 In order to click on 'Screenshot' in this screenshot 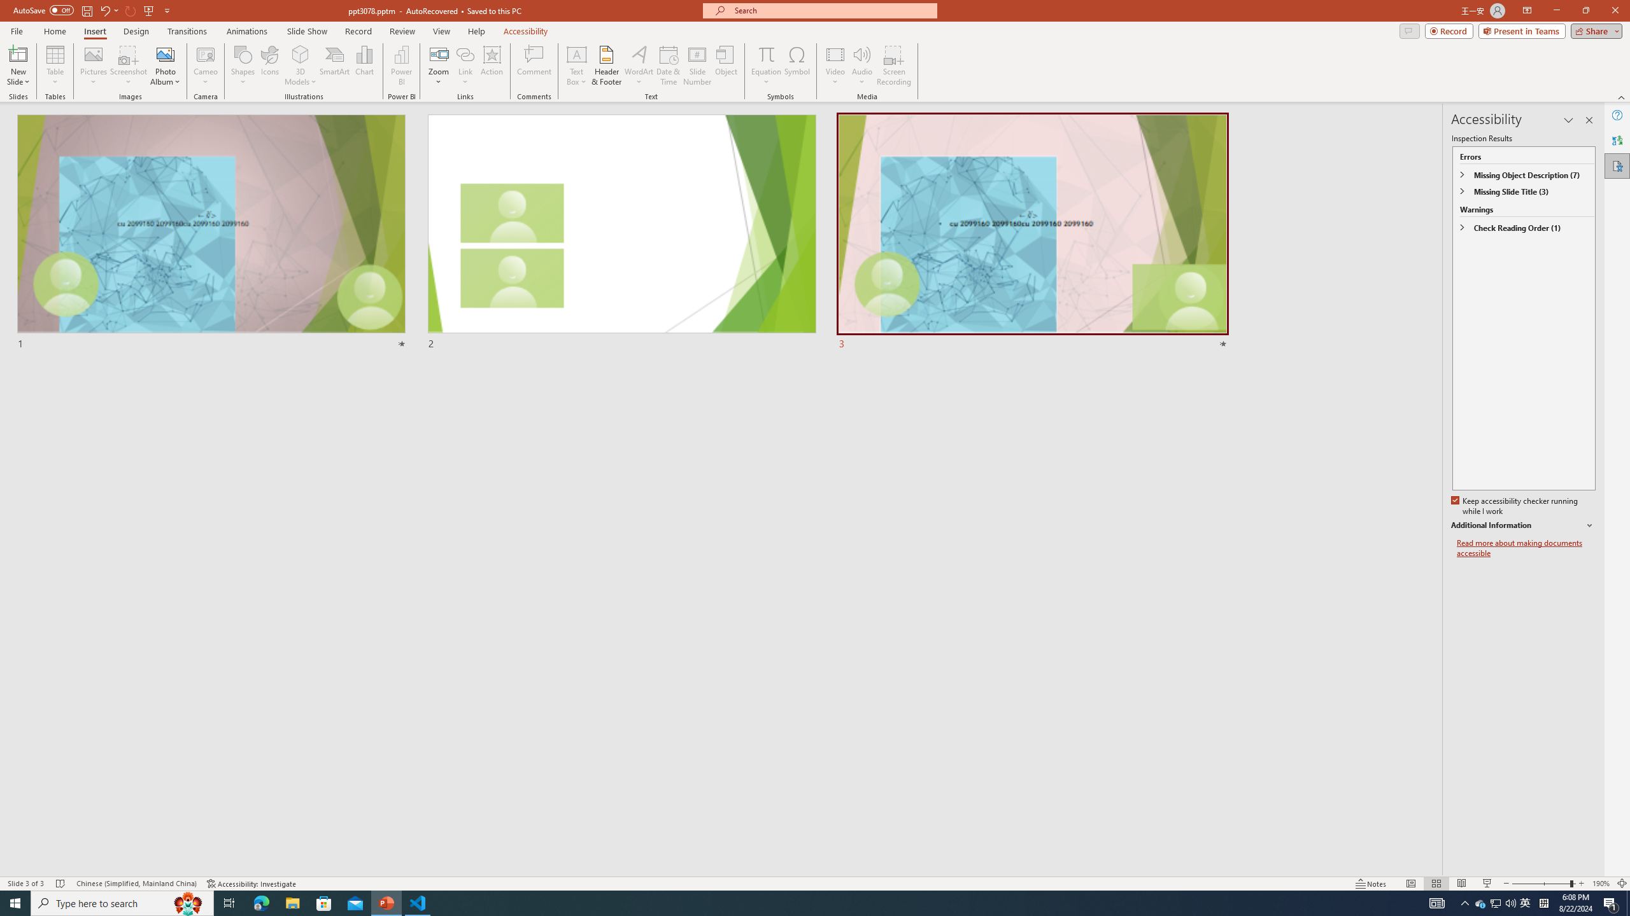, I will do `click(128, 66)`.